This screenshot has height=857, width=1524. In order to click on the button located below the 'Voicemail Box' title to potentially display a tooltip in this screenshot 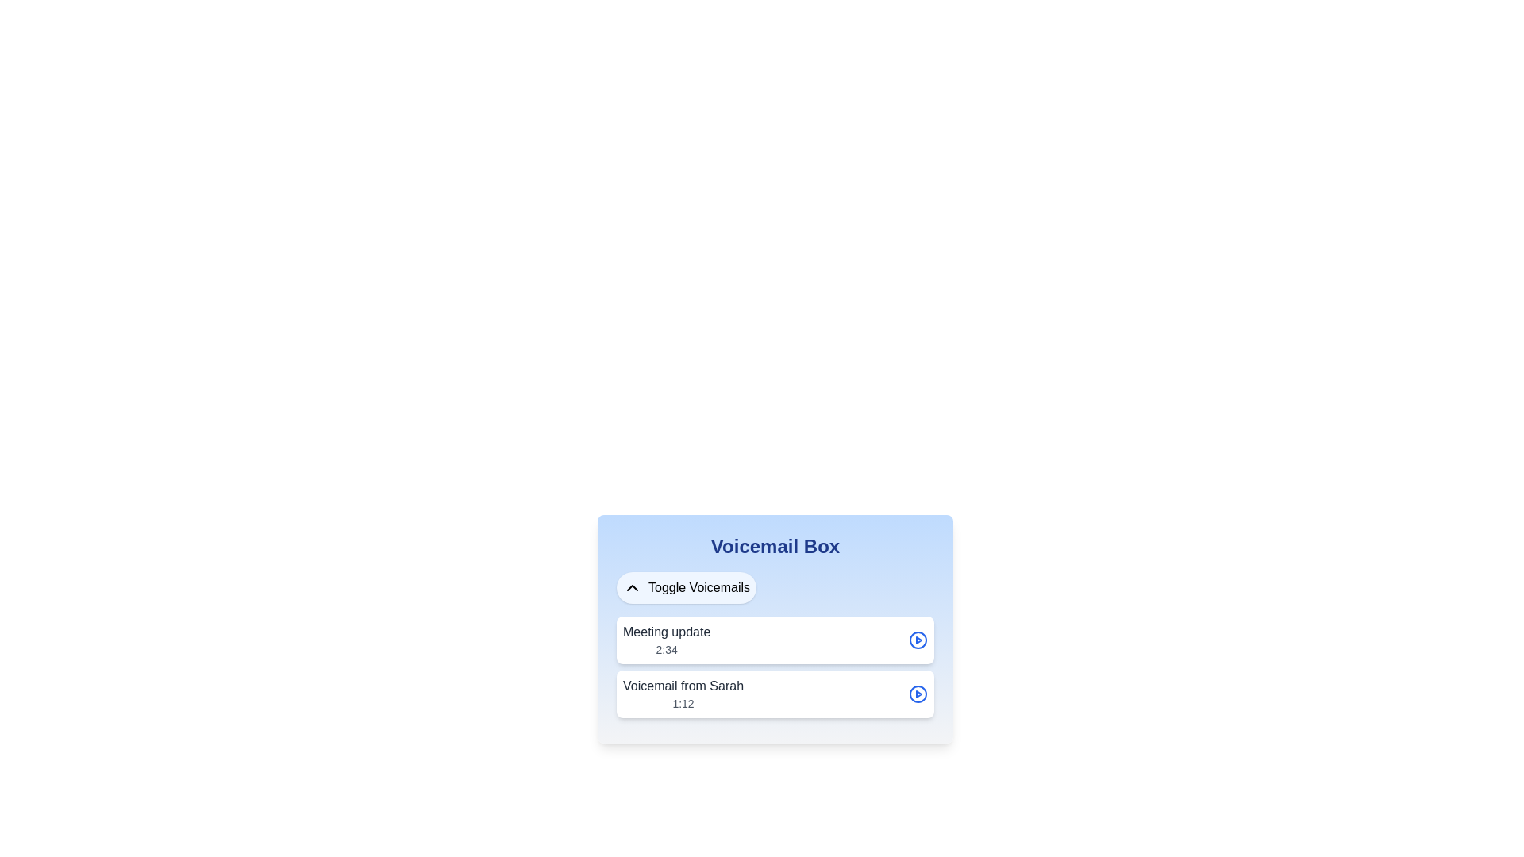, I will do `click(686, 587)`.